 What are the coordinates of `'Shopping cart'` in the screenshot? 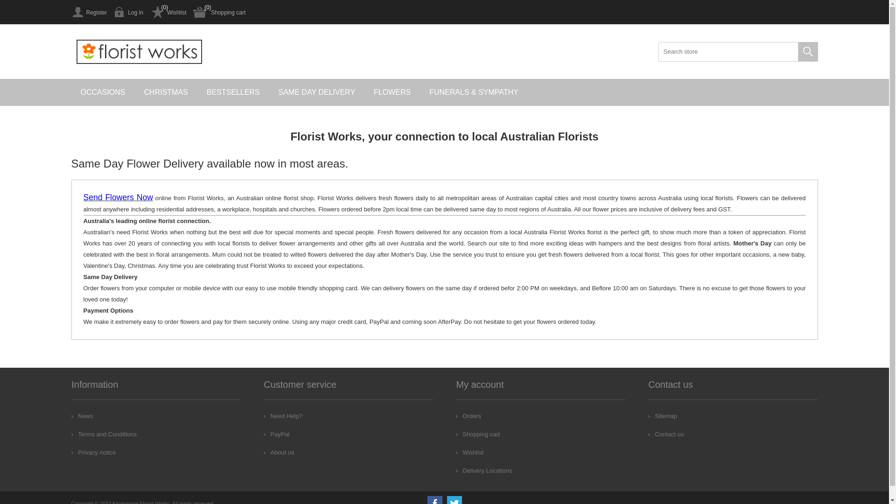 It's located at (219, 12).